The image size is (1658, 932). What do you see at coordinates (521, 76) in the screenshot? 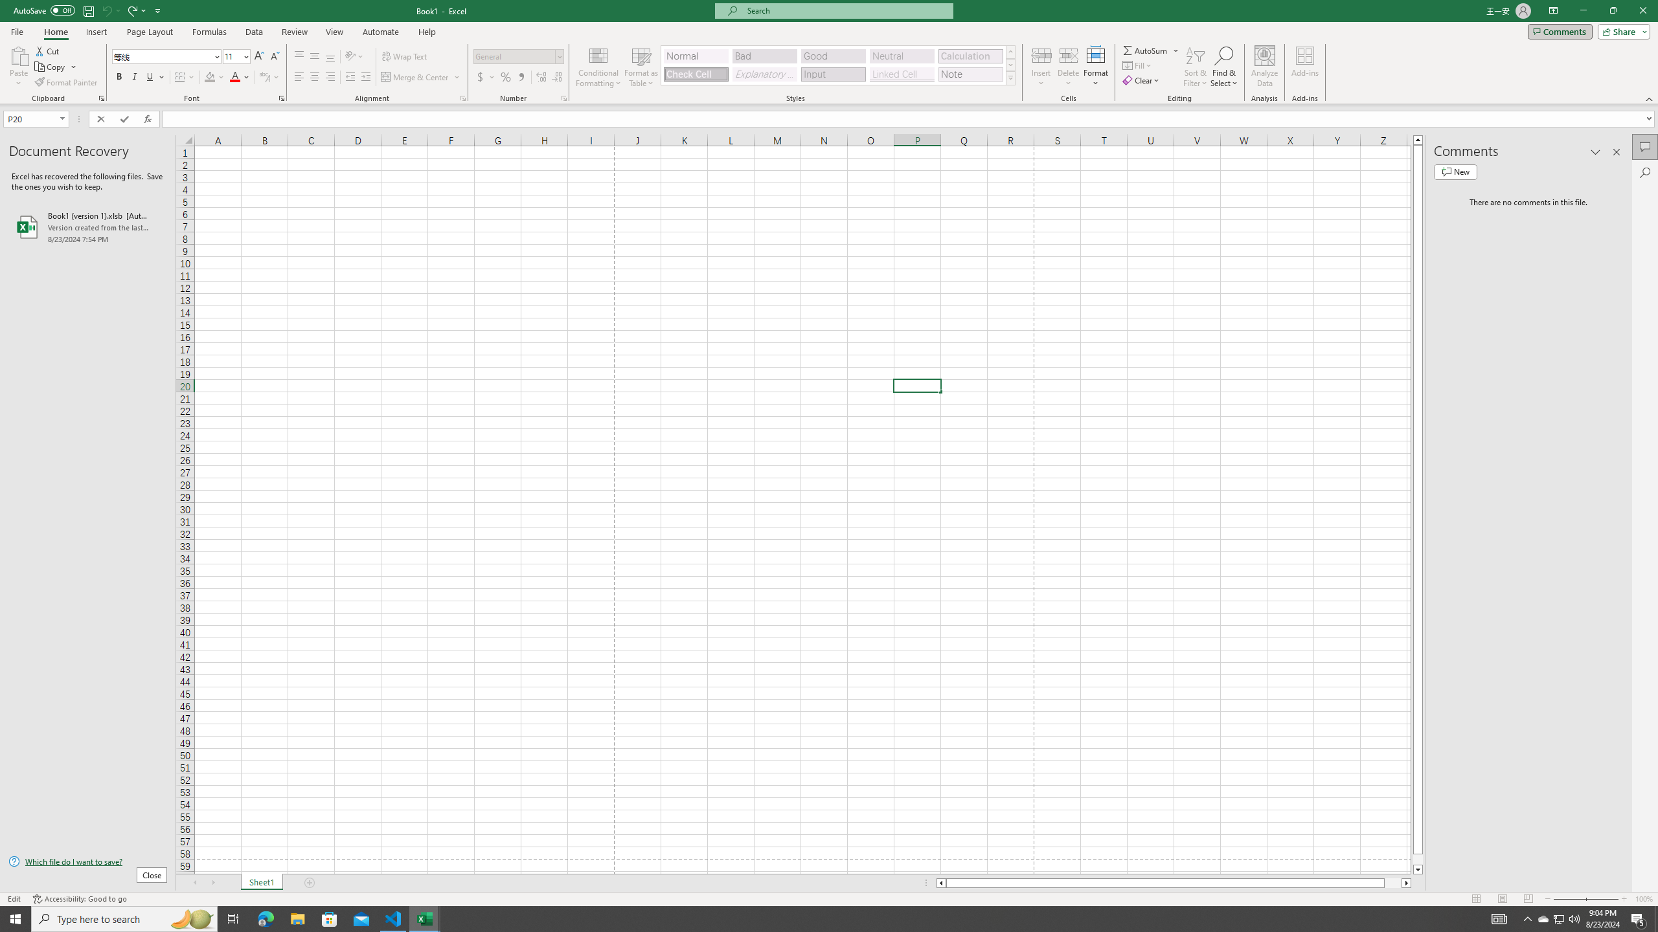
I see `'Comma Style'` at bounding box center [521, 76].